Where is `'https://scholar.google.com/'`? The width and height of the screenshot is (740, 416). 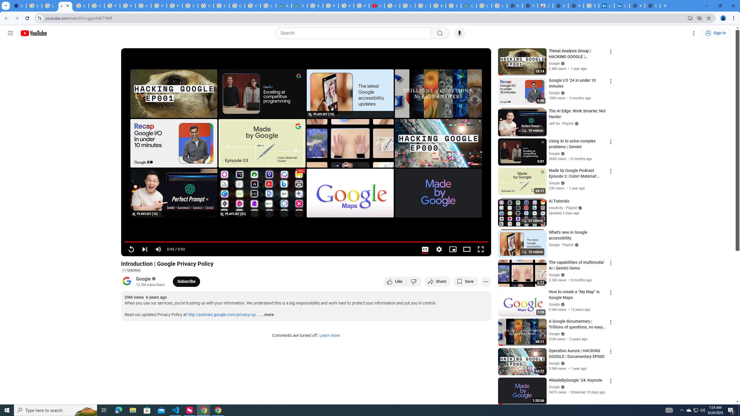
'https://scholar.google.com/' is located at coordinates (143, 5).